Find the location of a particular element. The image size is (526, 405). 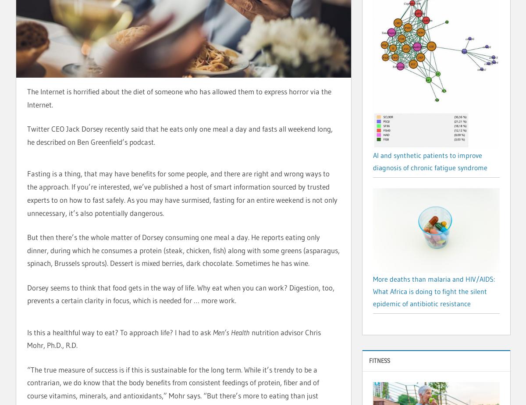

'The Internet is horrified about the diet of someone who has allowed them to express horror via the Internet.' is located at coordinates (179, 98).